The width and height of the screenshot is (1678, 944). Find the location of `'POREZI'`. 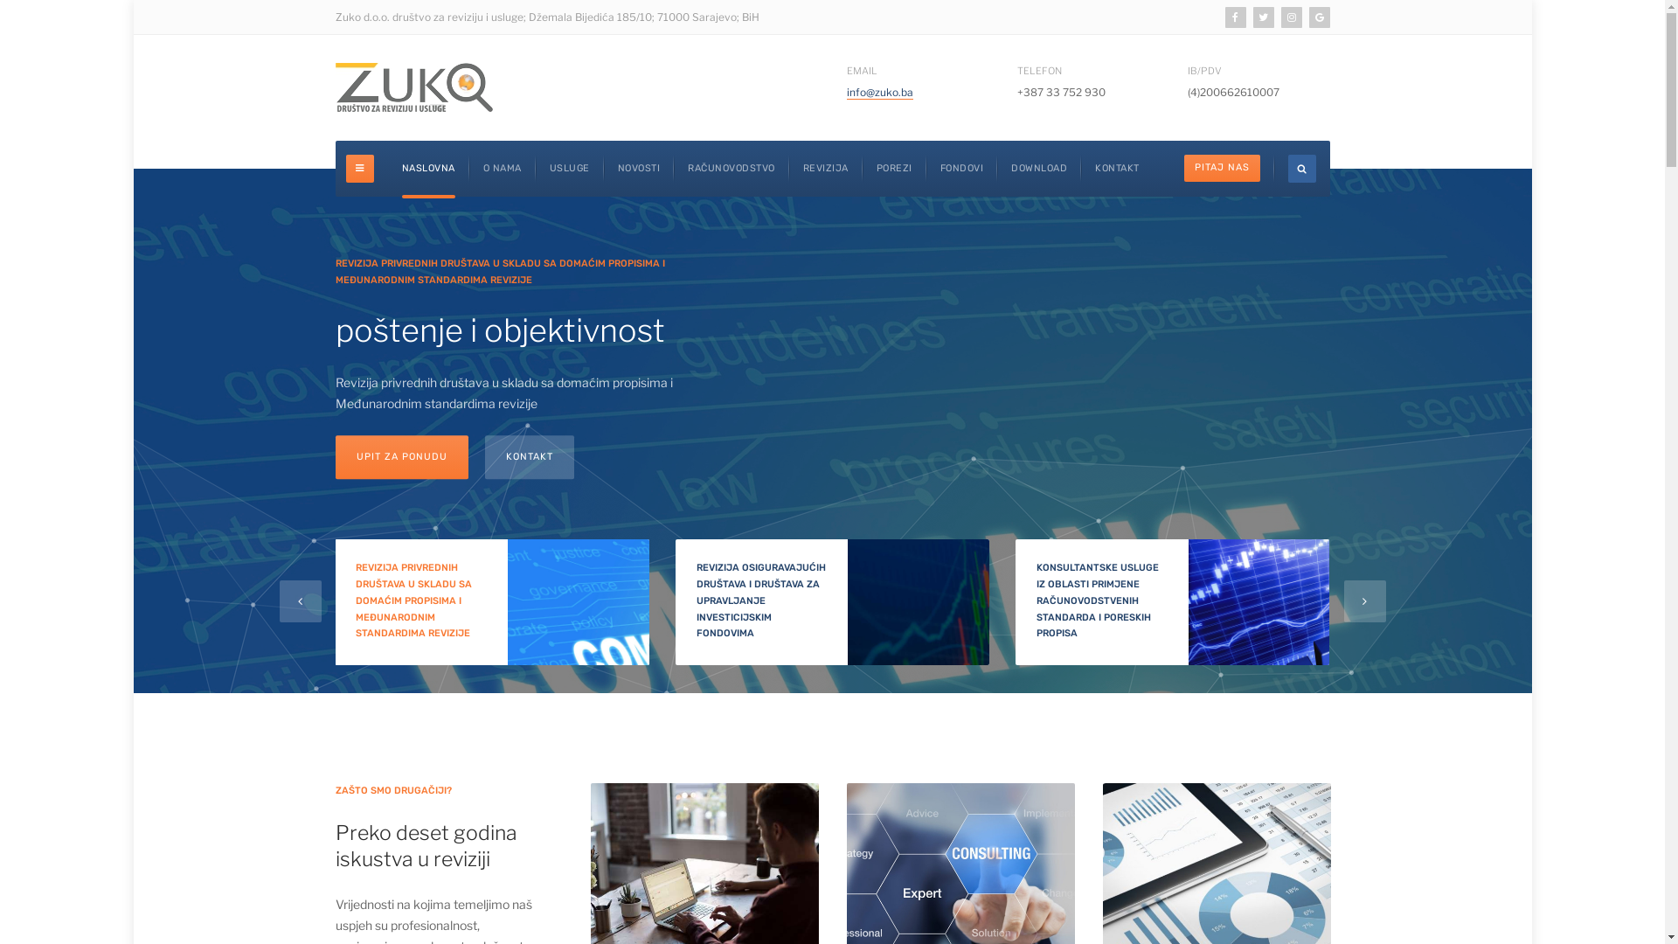

'POREZI' is located at coordinates (876, 168).